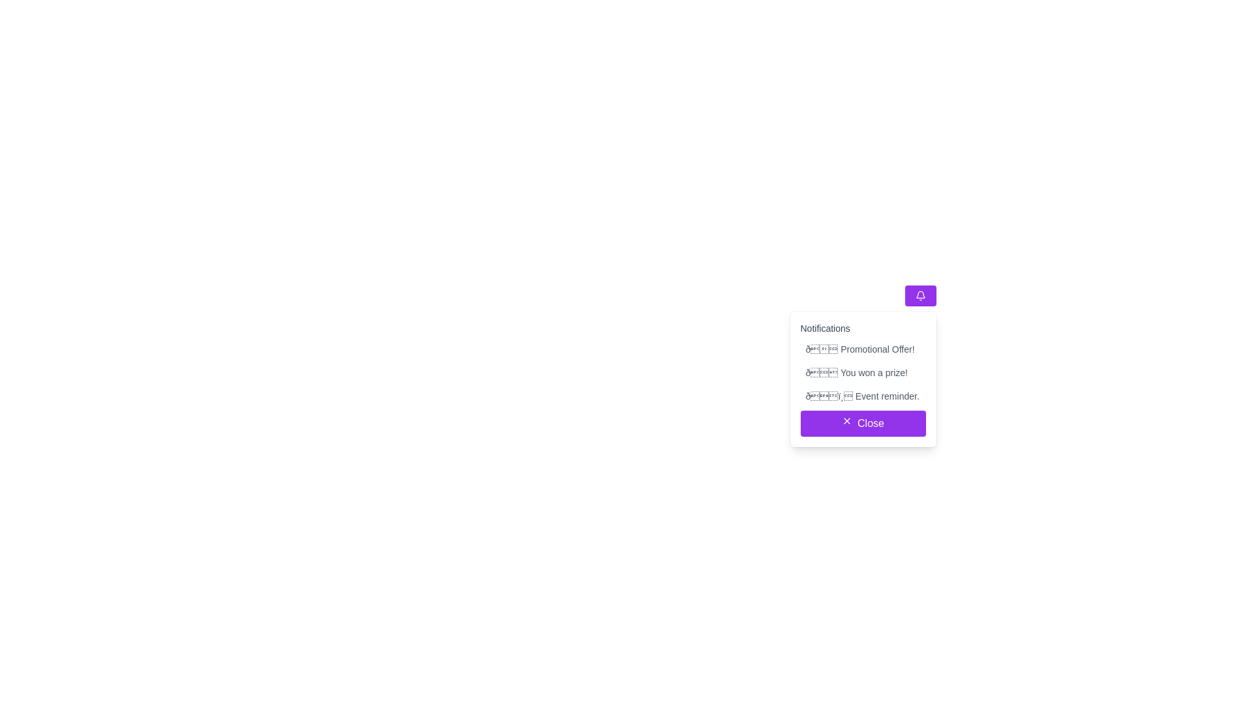  What do you see at coordinates (920, 296) in the screenshot?
I see `the notification toggle button, which is a small bell icon within a purple circular background located at the top-right corner of the notification panel` at bounding box center [920, 296].